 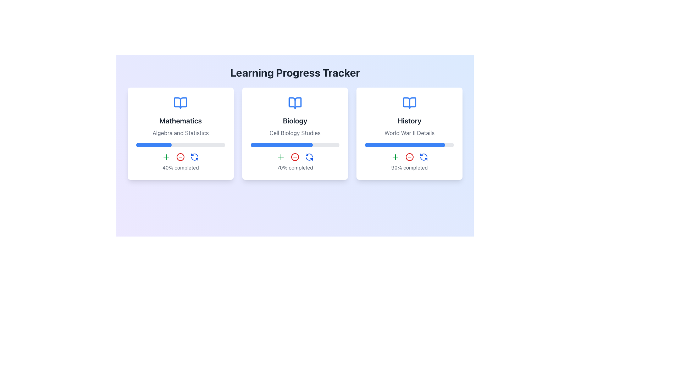 What do you see at coordinates (409, 120) in the screenshot?
I see `the 'History' title text label located in the upper section of the third card, which is situated below the book icon and above the subtitle 'World War II Details.'` at bounding box center [409, 120].